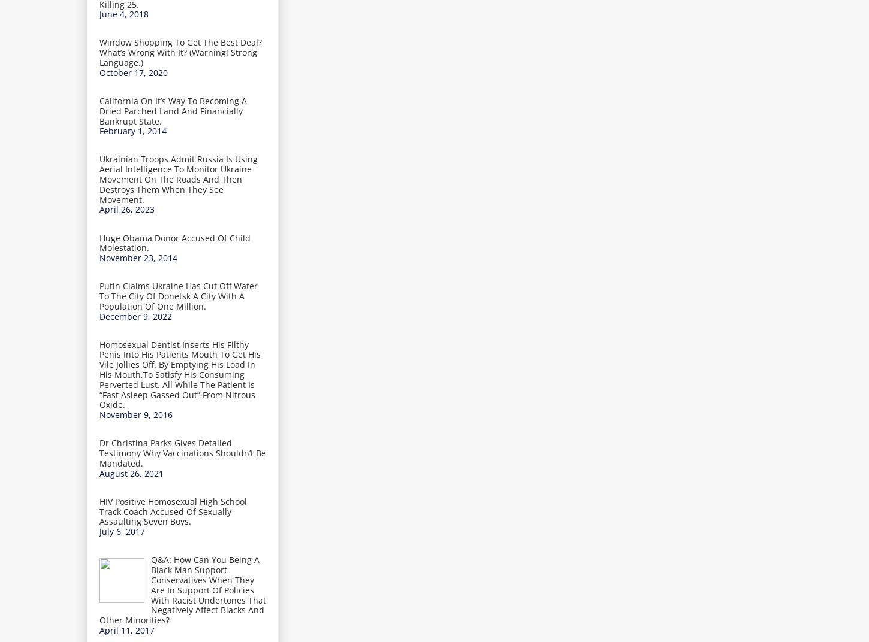 The height and width of the screenshot is (642, 869). Describe the element at coordinates (175, 242) in the screenshot. I see `'Huge Obama Donor Accused Of Child Molestation.'` at that location.